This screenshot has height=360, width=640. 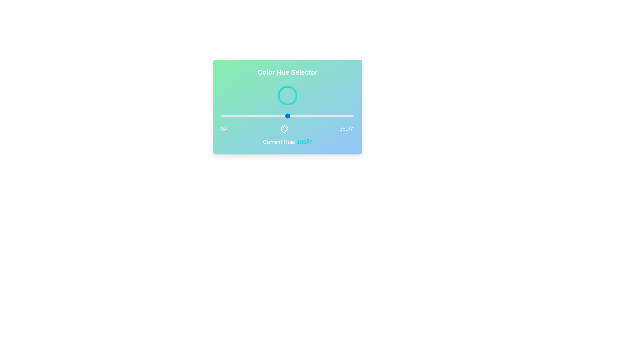 I want to click on the slider to set the hue to 293 degrees, causing the circle's color to change accordingly, so click(x=329, y=115).